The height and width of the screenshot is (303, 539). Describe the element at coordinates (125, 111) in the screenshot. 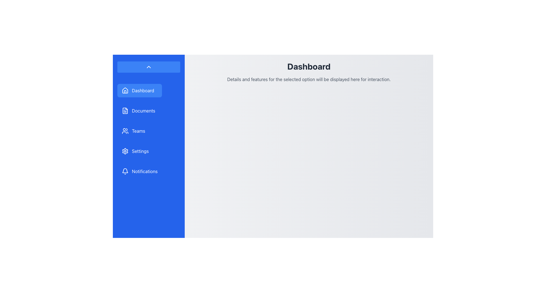

I see `the 'Documents' icon located in the vertical navigation bar, which visually represents the documents section and is positioned next to the text 'Documents'` at that location.